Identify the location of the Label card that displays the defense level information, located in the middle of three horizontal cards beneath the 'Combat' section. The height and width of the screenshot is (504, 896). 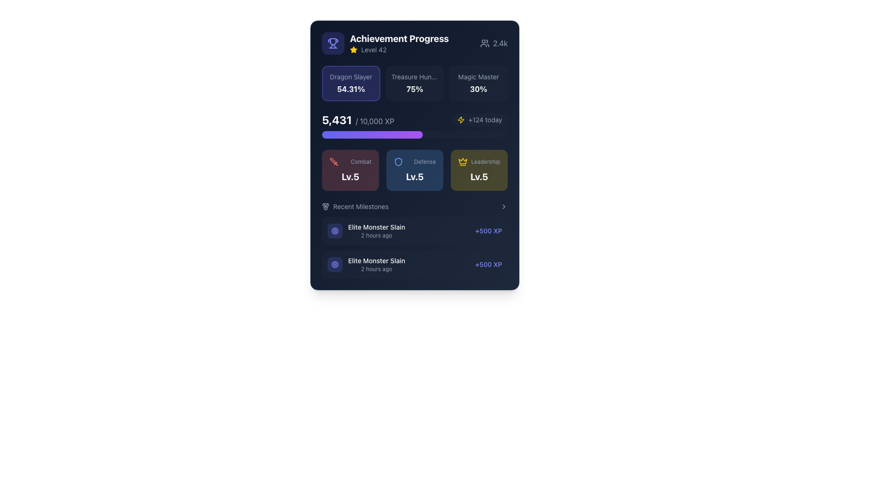
(414, 170).